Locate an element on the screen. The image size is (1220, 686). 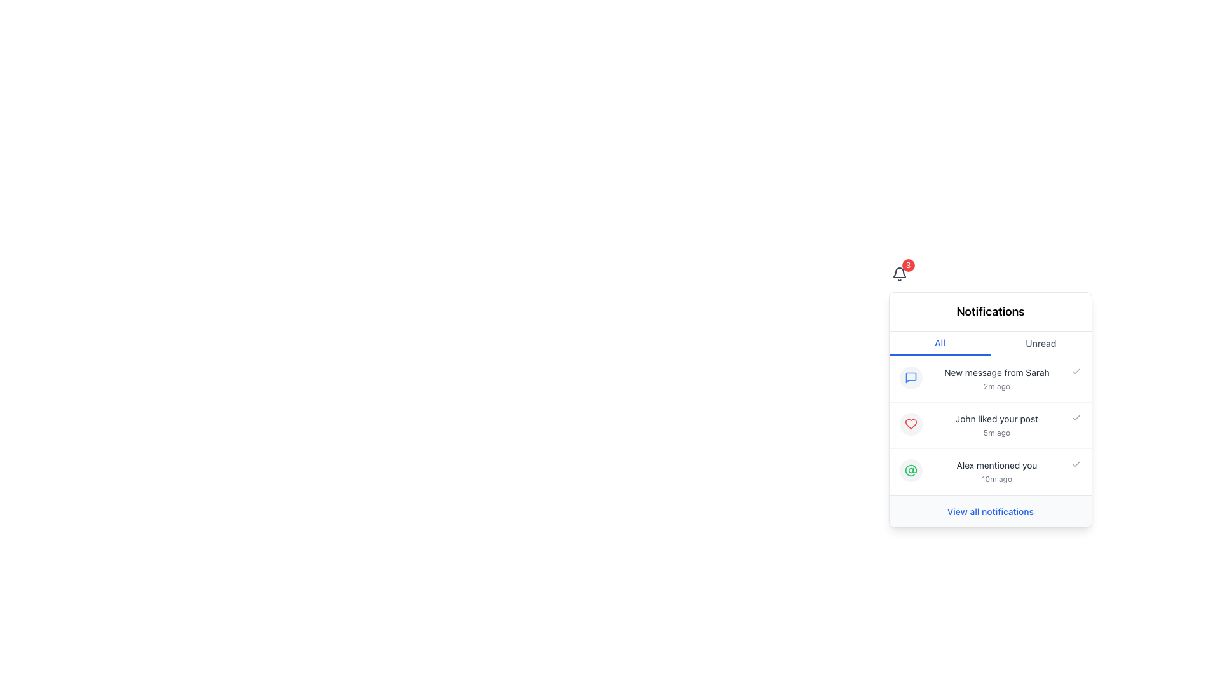
the Static Header element titled 'Notifications', which is prominently styled with a larger font and positioned at the top of the dropdown pane is located at coordinates (990, 312).